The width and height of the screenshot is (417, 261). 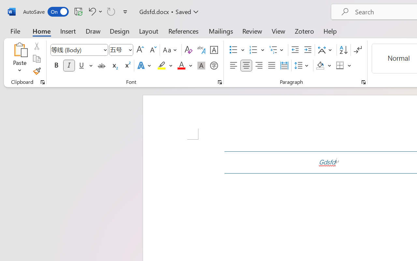 What do you see at coordinates (171, 50) in the screenshot?
I see `'Change Case'` at bounding box center [171, 50].